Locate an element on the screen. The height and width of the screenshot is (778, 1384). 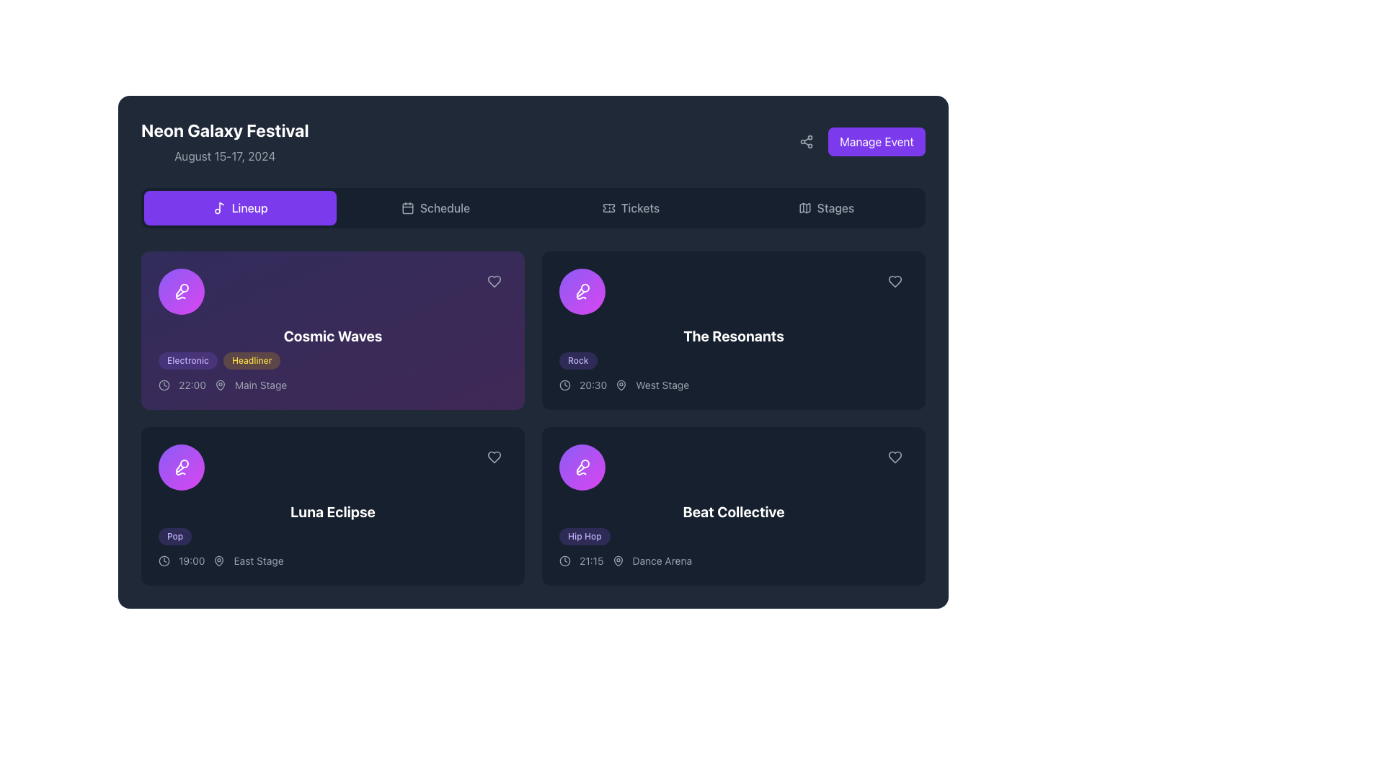
the circular clock face icon graphic located in the bottom left corner of the 'Luna Eclipse' event section is located at coordinates (164, 560).